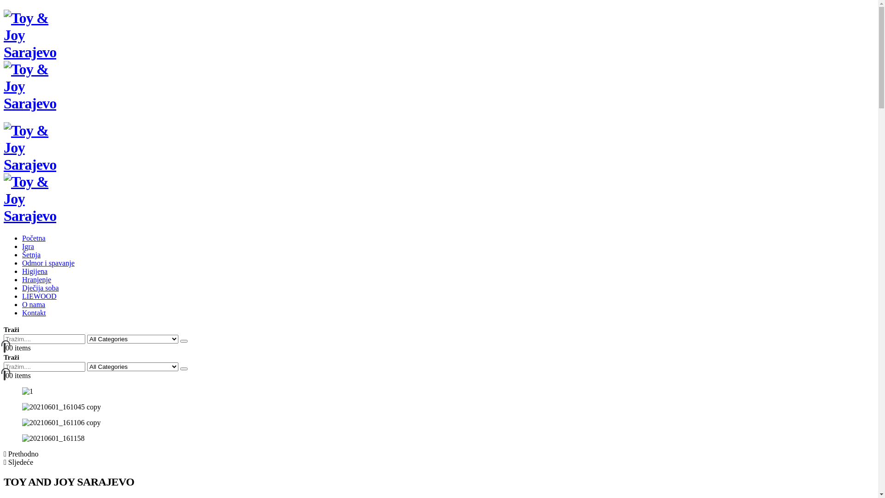  What do you see at coordinates (36, 279) in the screenshot?
I see `'Hranjenje'` at bounding box center [36, 279].